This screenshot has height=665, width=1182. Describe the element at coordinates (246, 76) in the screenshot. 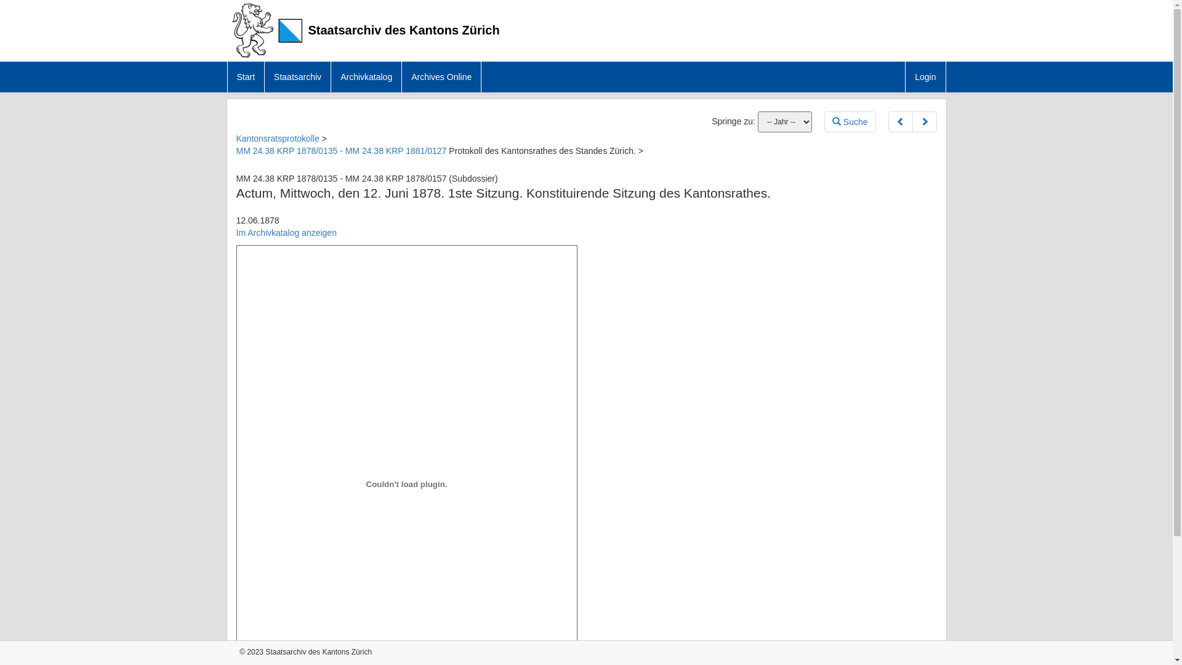

I see `'Start'` at that location.